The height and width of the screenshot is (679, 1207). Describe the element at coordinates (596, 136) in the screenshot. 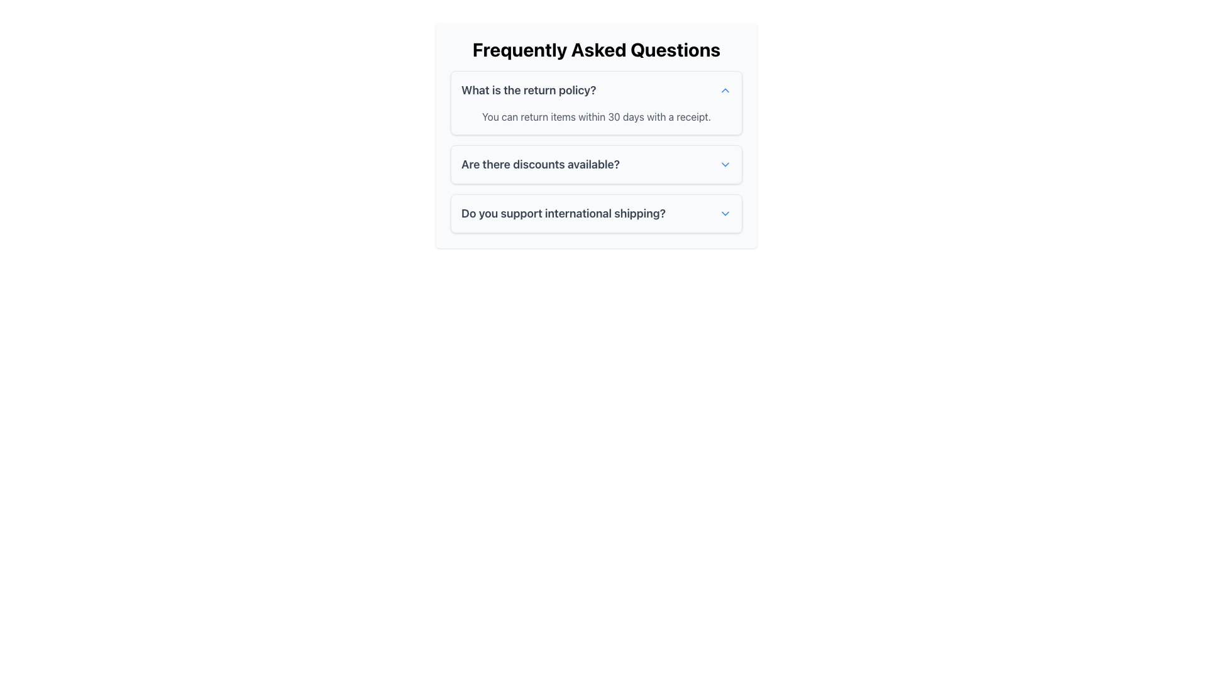

I see `the Expandable FAQ section` at that location.